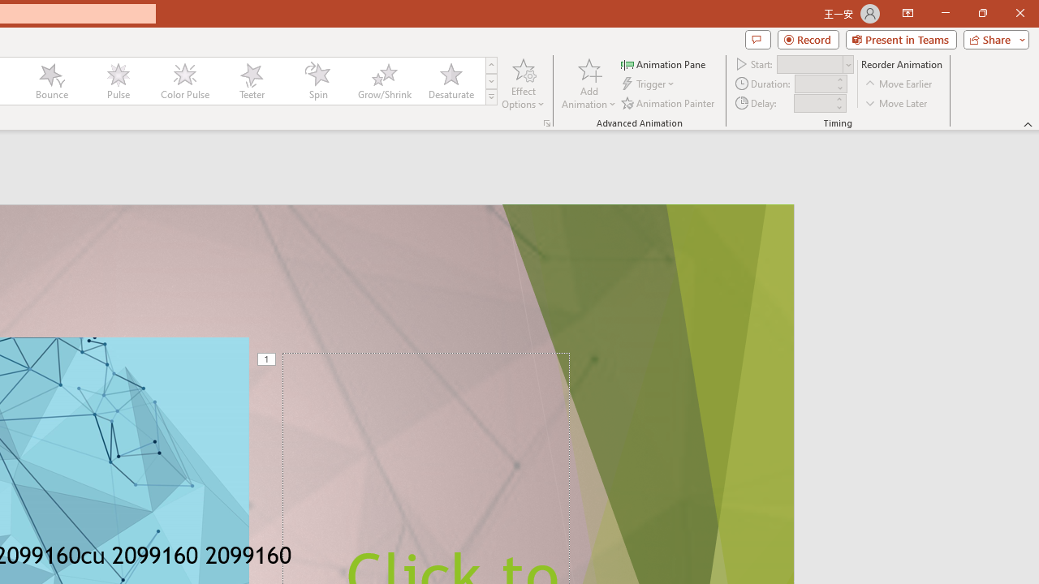 This screenshot has width=1039, height=584. Describe the element at coordinates (813, 103) in the screenshot. I see `'Animation Delay'` at that location.